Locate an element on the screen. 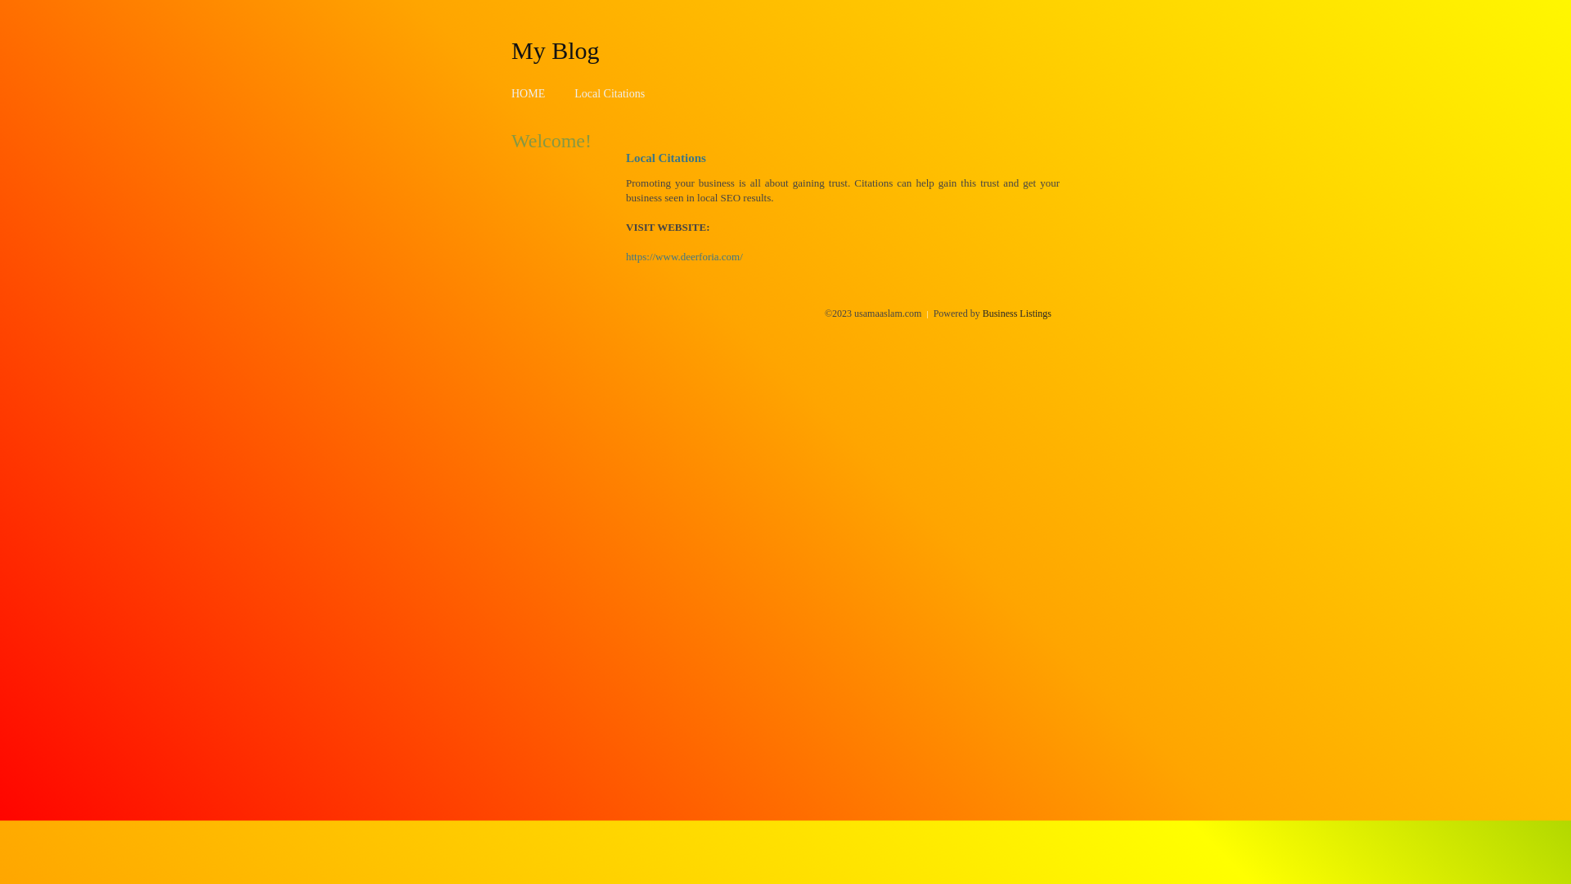 The image size is (1571, 884). 'Local Citations' is located at coordinates (608, 93).